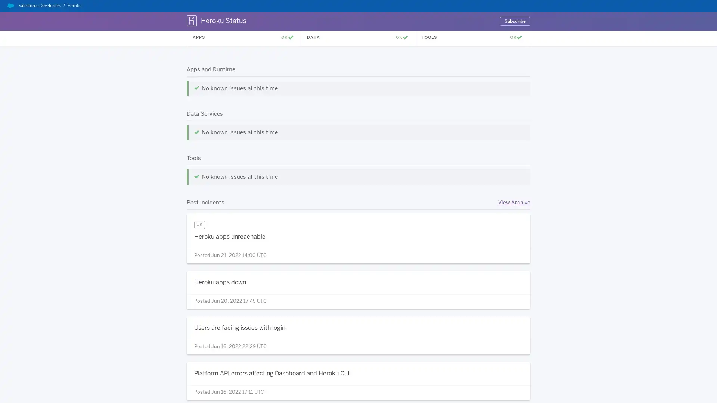  I want to click on Subscribe, so click(515, 21).